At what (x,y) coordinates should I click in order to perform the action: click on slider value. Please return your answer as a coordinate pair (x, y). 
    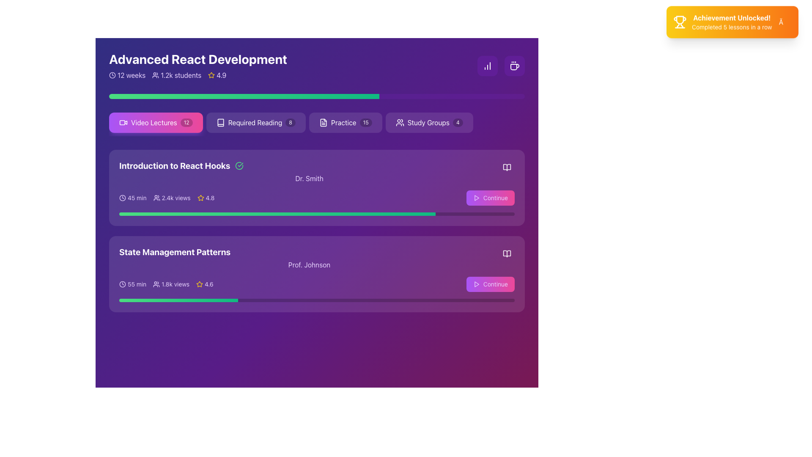
    Looking at the image, I should click on (141, 213).